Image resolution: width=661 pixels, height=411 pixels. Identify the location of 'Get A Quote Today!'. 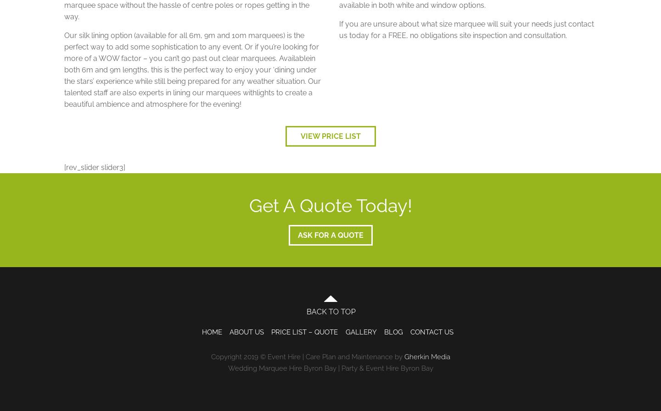
(330, 204).